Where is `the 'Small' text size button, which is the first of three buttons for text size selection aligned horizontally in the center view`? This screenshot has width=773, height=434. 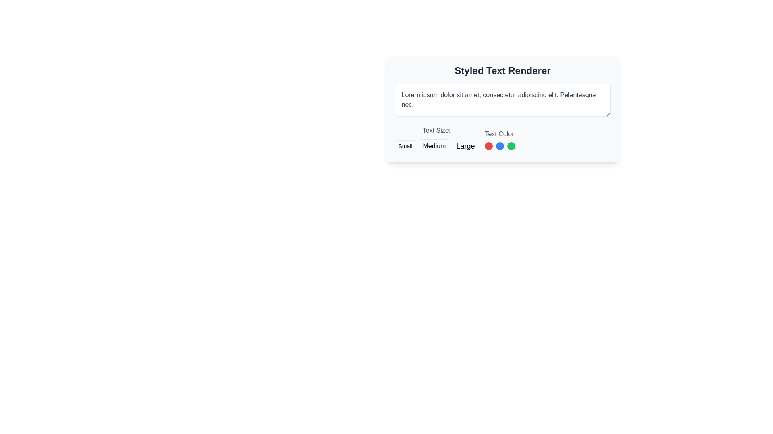 the 'Small' text size button, which is the first of three buttons for text size selection aligned horizontally in the center view is located at coordinates (405, 146).